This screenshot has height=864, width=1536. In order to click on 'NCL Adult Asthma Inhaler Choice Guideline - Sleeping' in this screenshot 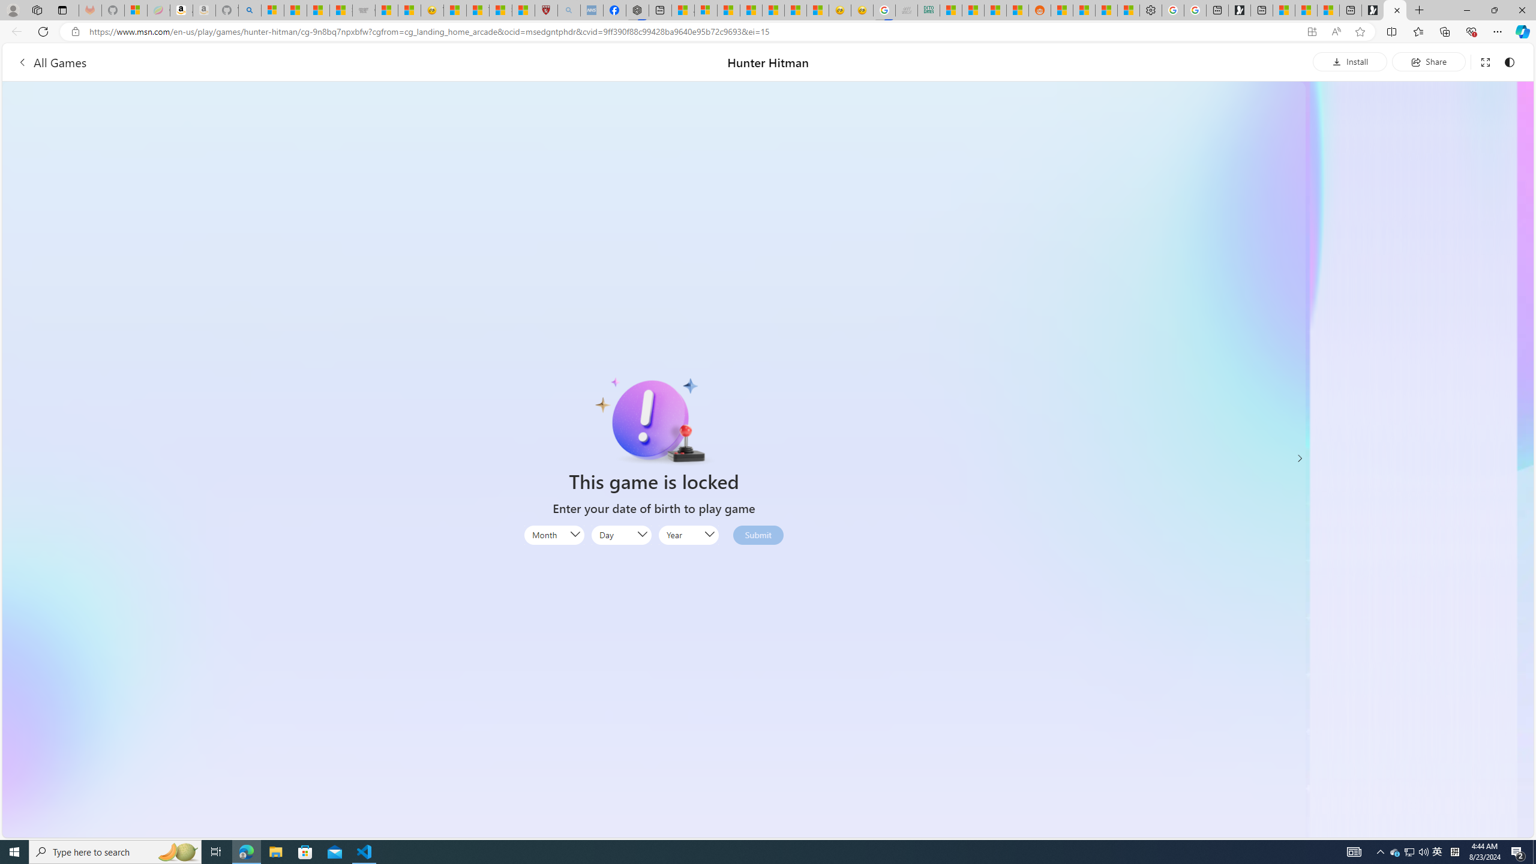, I will do `click(592, 10)`.